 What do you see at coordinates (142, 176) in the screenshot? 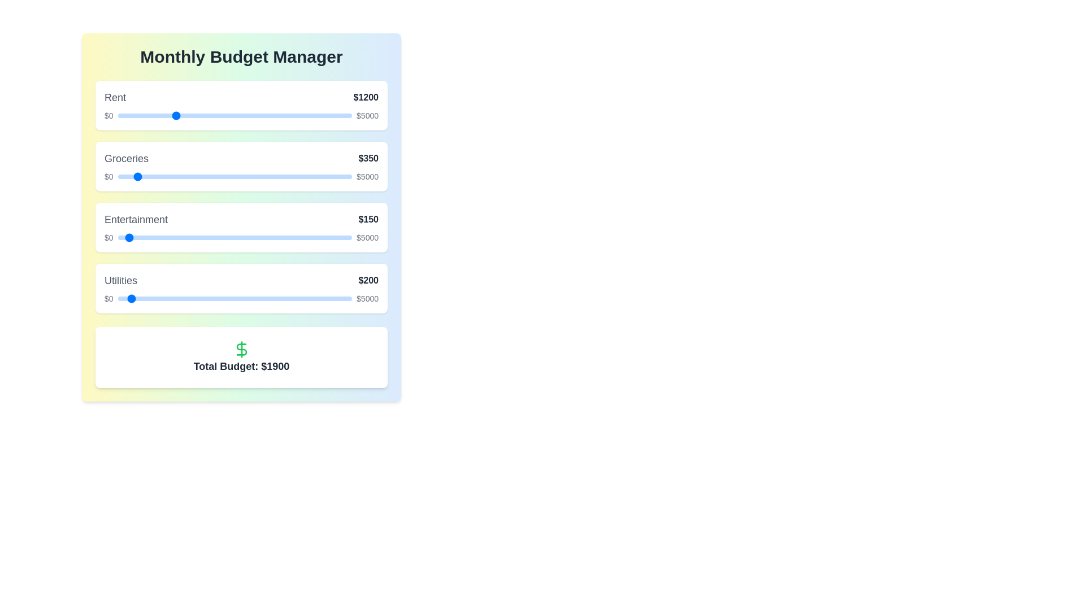
I see `the groceries budget slider` at bounding box center [142, 176].